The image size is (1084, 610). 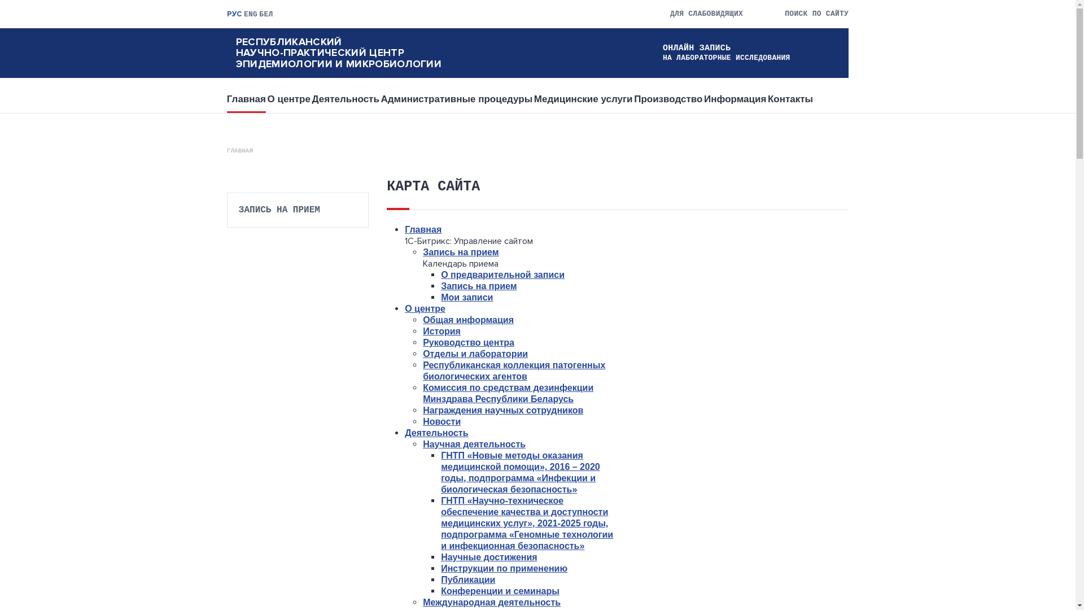 I want to click on 'ENG', so click(x=250, y=14).